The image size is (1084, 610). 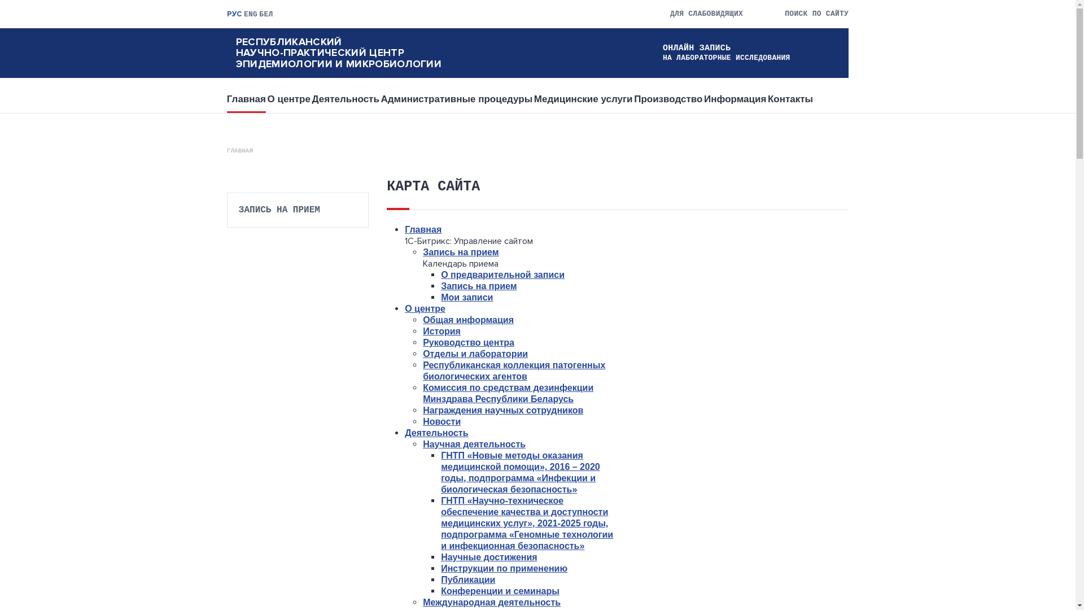 I want to click on 'ENG', so click(x=250, y=14).